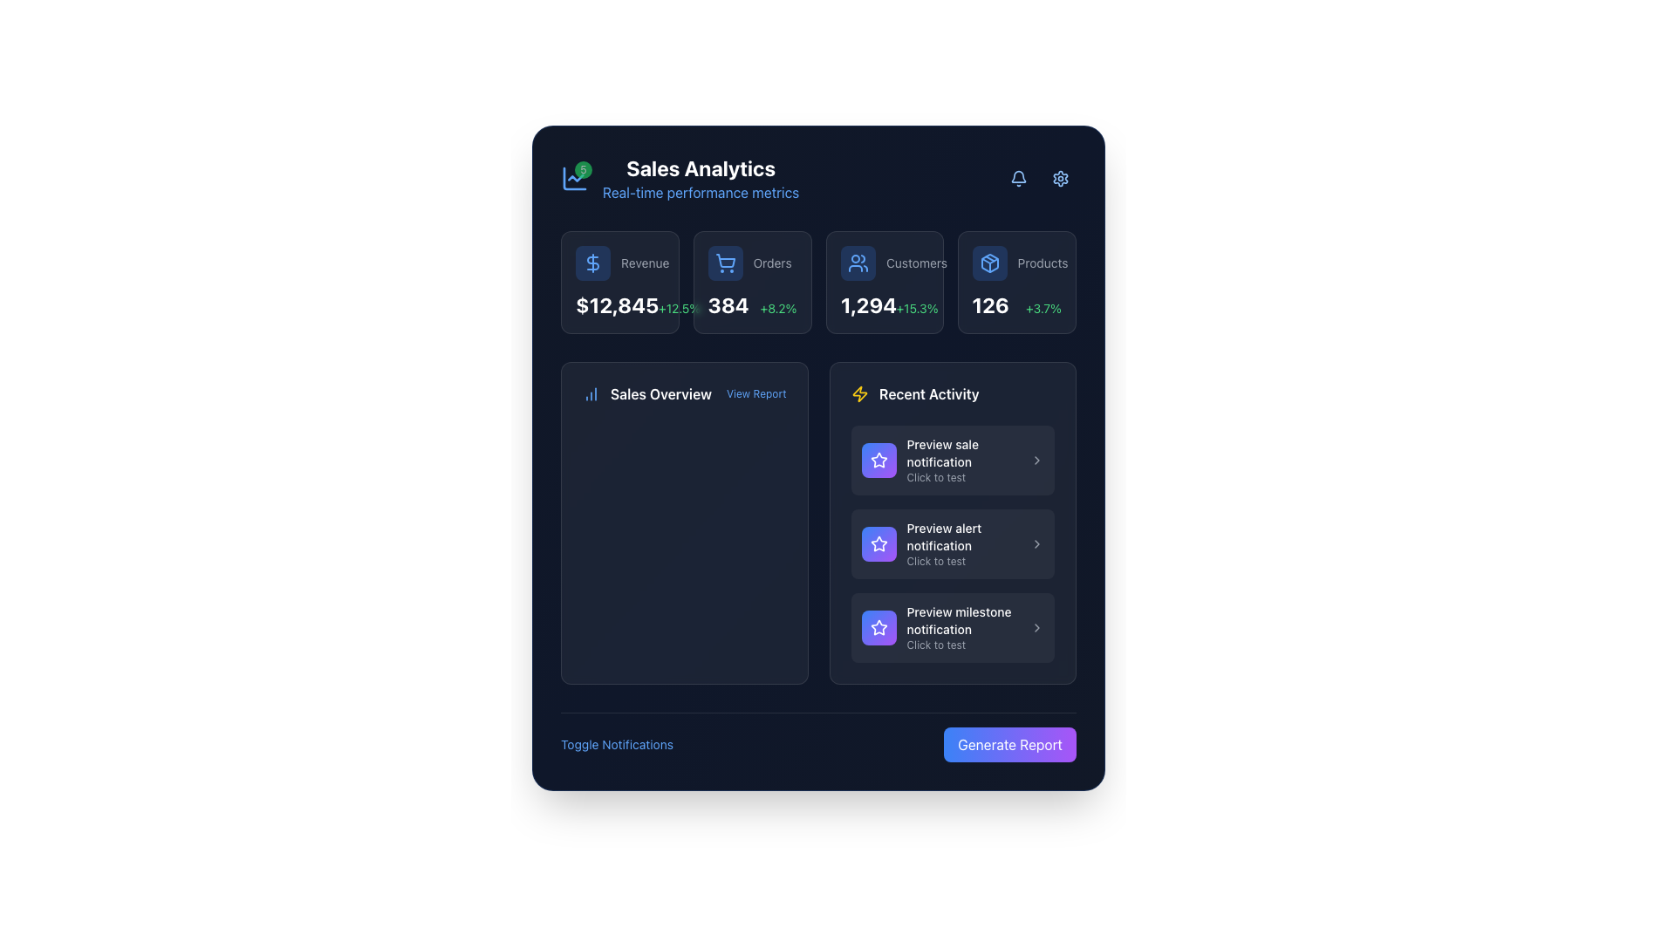 Image resolution: width=1675 pixels, height=942 pixels. Describe the element at coordinates (962, 460) in the screenshot. I see `the text display that describes a preview-related function in the 'Recent Activity' section, which is the first item in the list` at that location.